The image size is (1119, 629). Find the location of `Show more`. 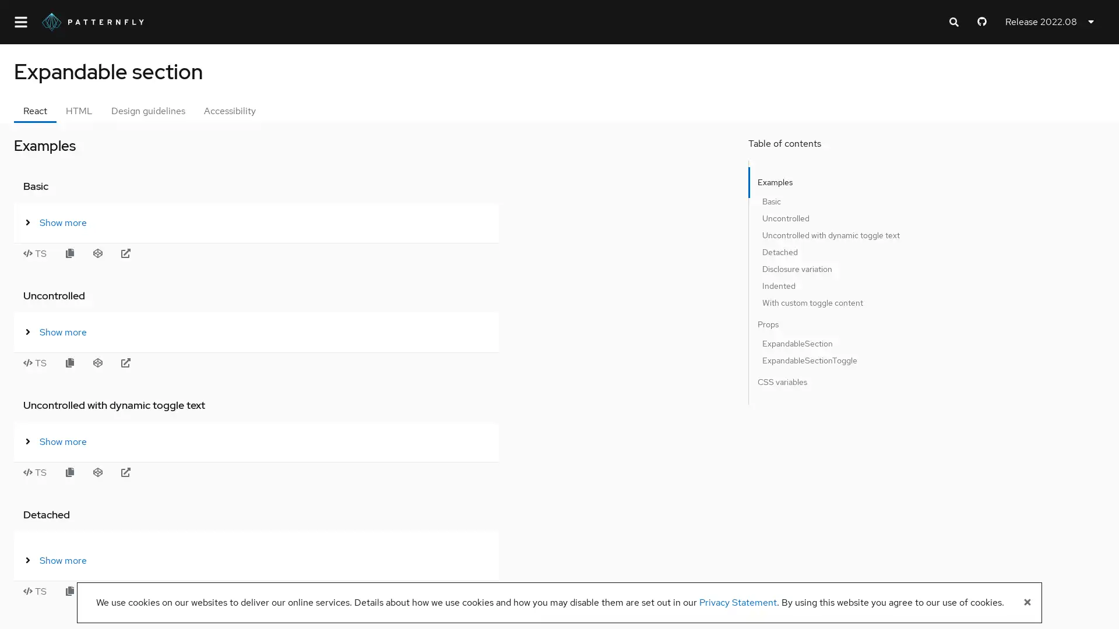

Show more is located at coordinates (228, 332).